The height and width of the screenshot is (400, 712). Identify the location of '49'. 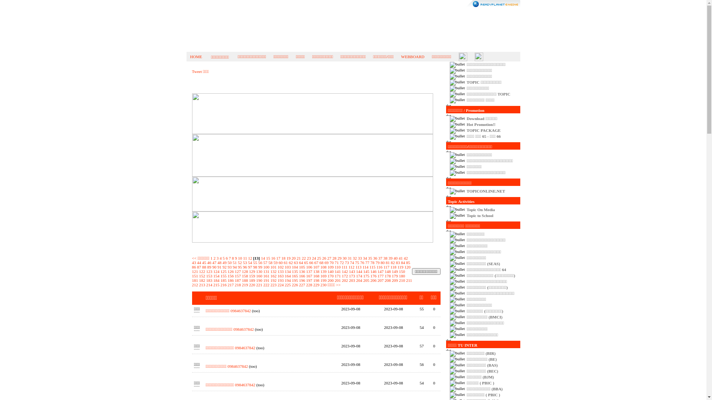
(224, 262).